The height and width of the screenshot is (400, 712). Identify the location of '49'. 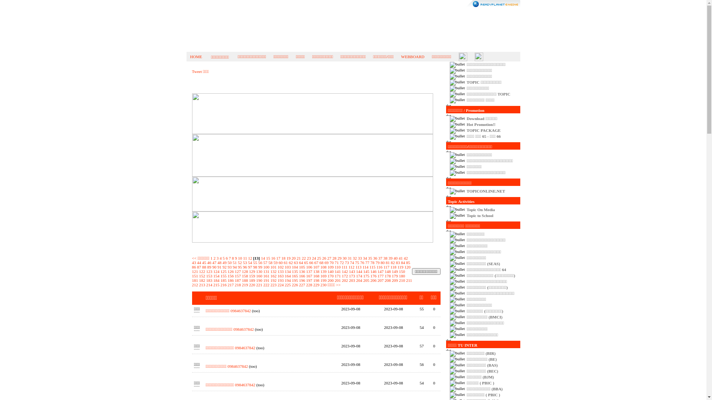
(224, 262).